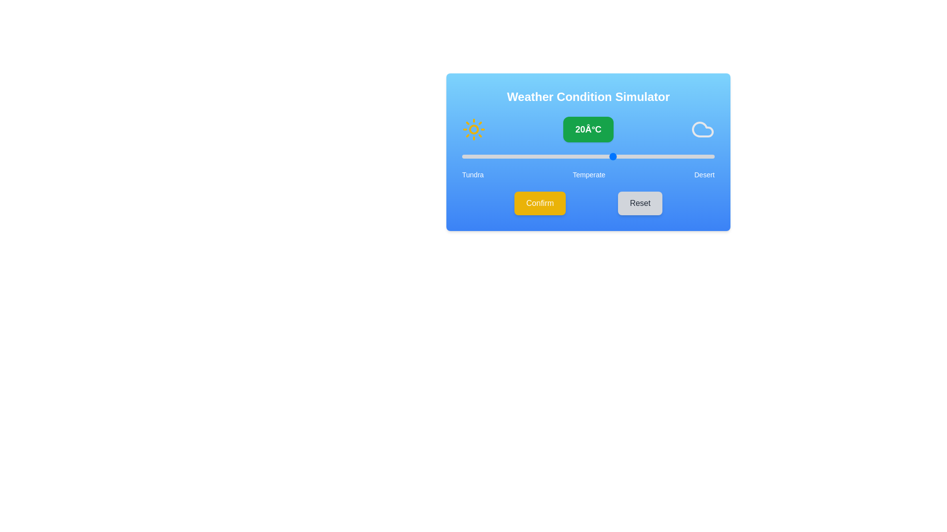  Describe the element at coordinates (502, 156) in the screenshot. I see `the slider to set the temperature to -2°C` at that location.